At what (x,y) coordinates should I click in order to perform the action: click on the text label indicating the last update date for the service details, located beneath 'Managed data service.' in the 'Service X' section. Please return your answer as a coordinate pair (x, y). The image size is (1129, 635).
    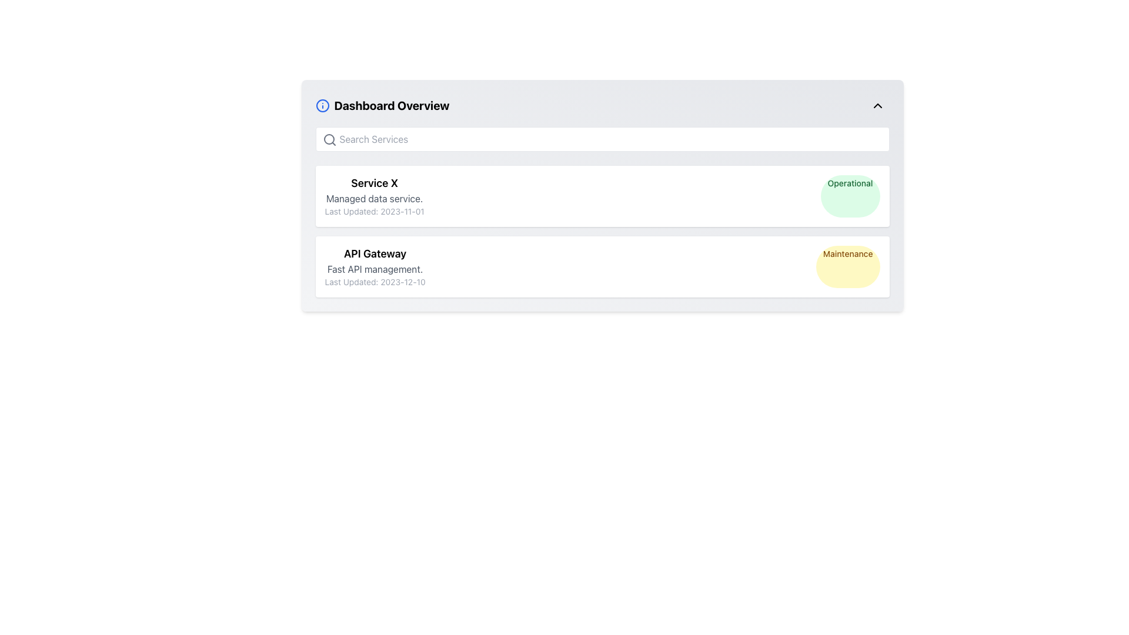
    Looking at the image, I should click on (374, 210).